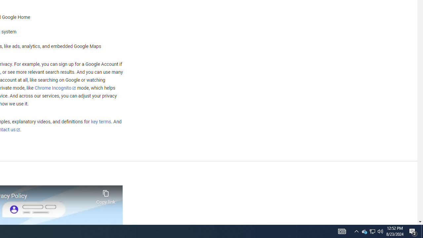 This screenshot has width=423, height=238. I want to click on 'Copy link', so click(106, 195).